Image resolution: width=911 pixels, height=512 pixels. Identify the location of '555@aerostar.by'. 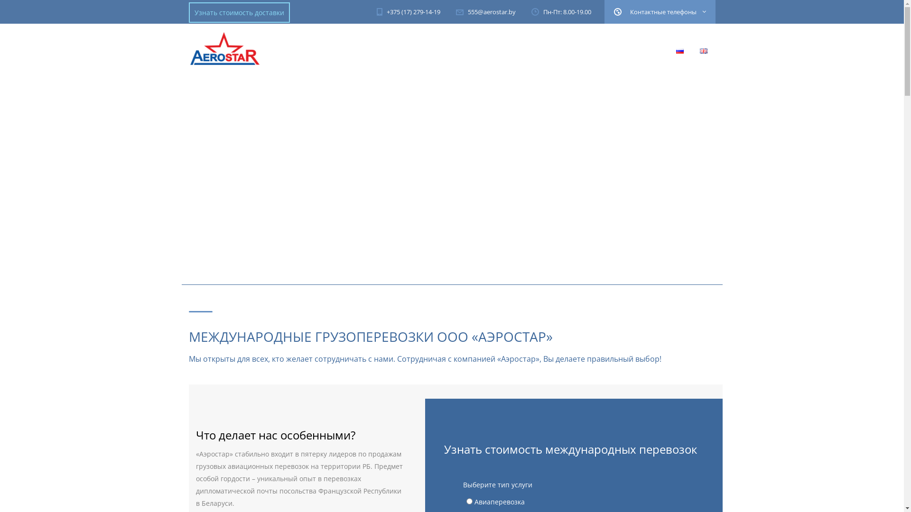
(485, 11).